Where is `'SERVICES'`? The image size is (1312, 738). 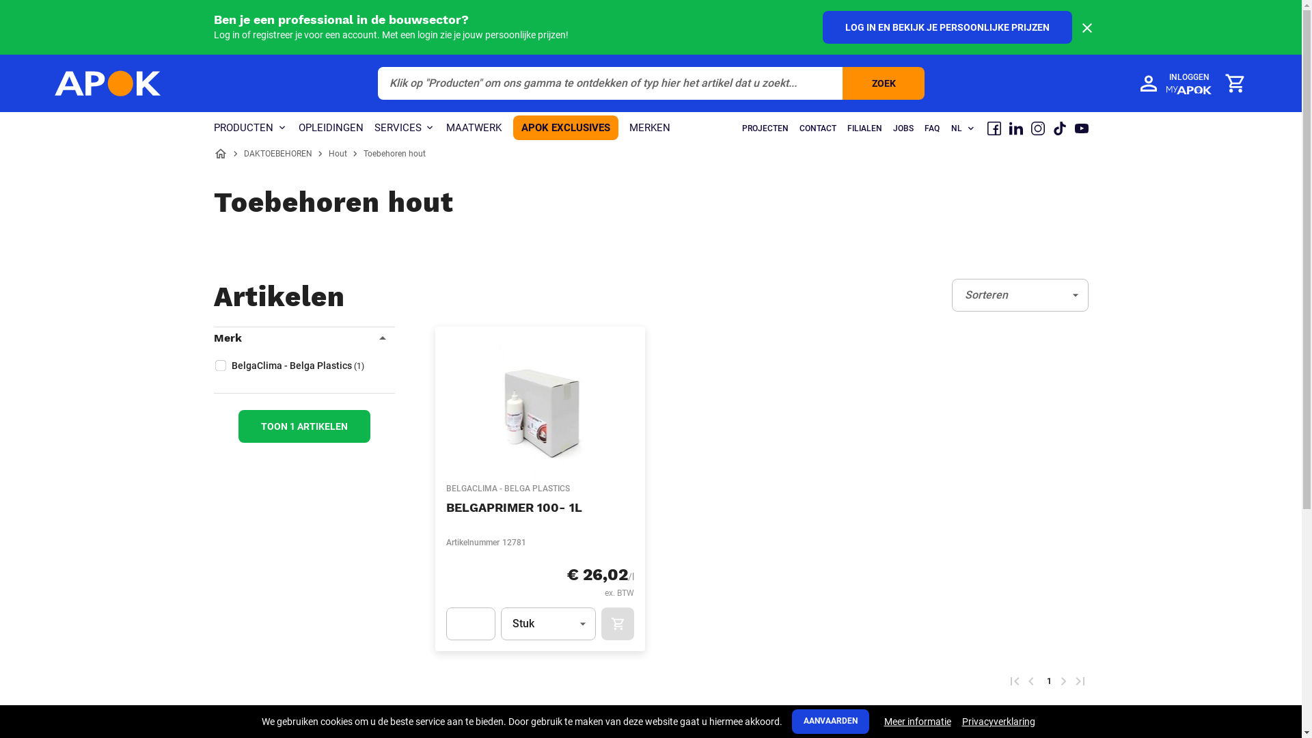 'SERVICES' is located at coordinates (404, 128).